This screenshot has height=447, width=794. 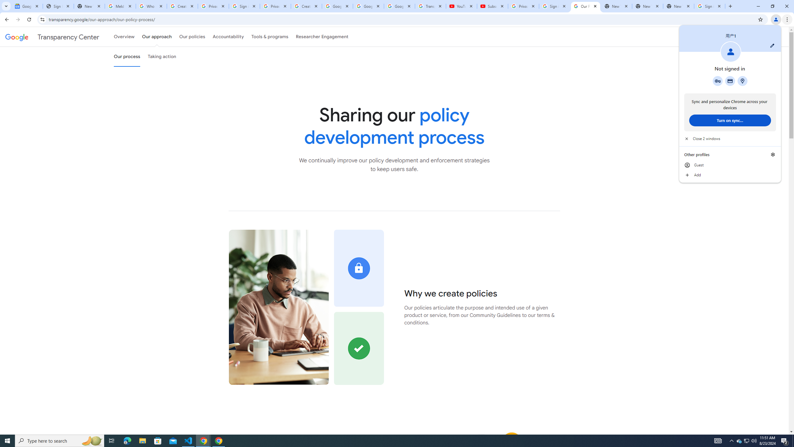 I want to click on 'Guest', so click(x=729, y=165).